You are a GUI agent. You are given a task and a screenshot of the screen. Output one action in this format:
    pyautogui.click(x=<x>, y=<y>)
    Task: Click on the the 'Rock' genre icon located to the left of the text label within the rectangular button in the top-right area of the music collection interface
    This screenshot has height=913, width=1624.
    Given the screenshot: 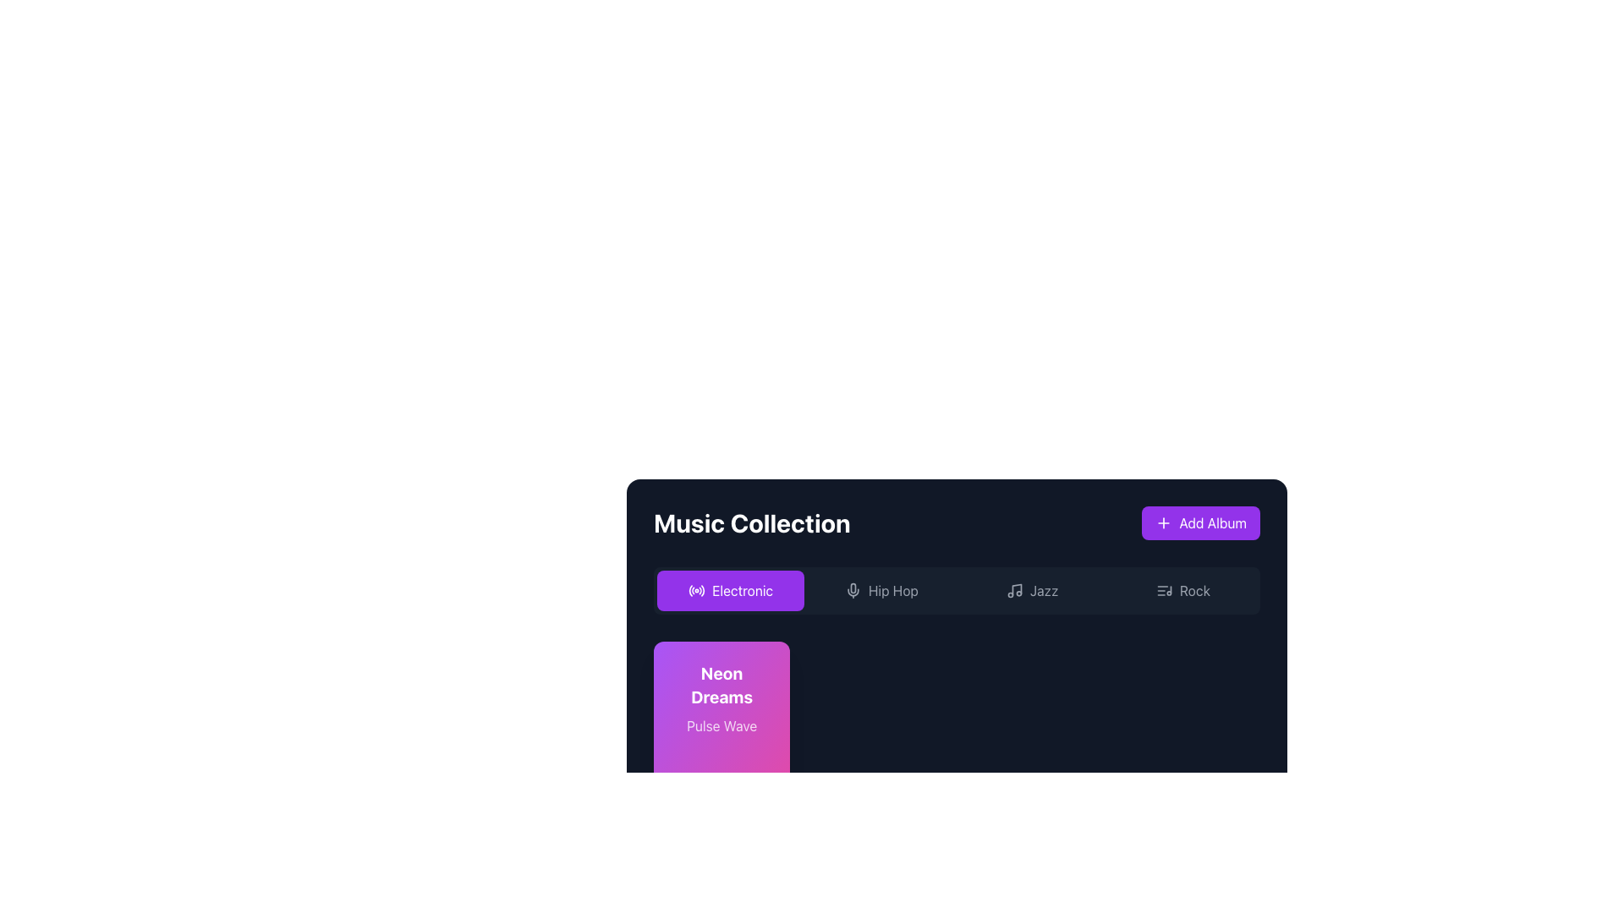 What is the action you would take?
    pyautogui.click(x=1163, y=589)
    